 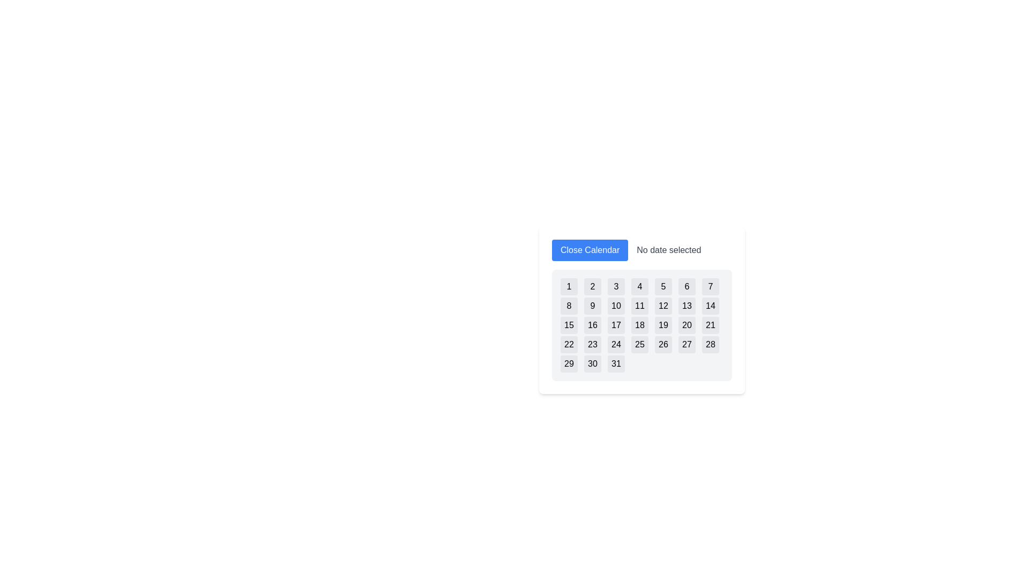 What do you see at coordinates (568, 363) in the screenshot?
I see `the square button labeled '29' with black text on a light gray background` at bounding box center [568, 363].